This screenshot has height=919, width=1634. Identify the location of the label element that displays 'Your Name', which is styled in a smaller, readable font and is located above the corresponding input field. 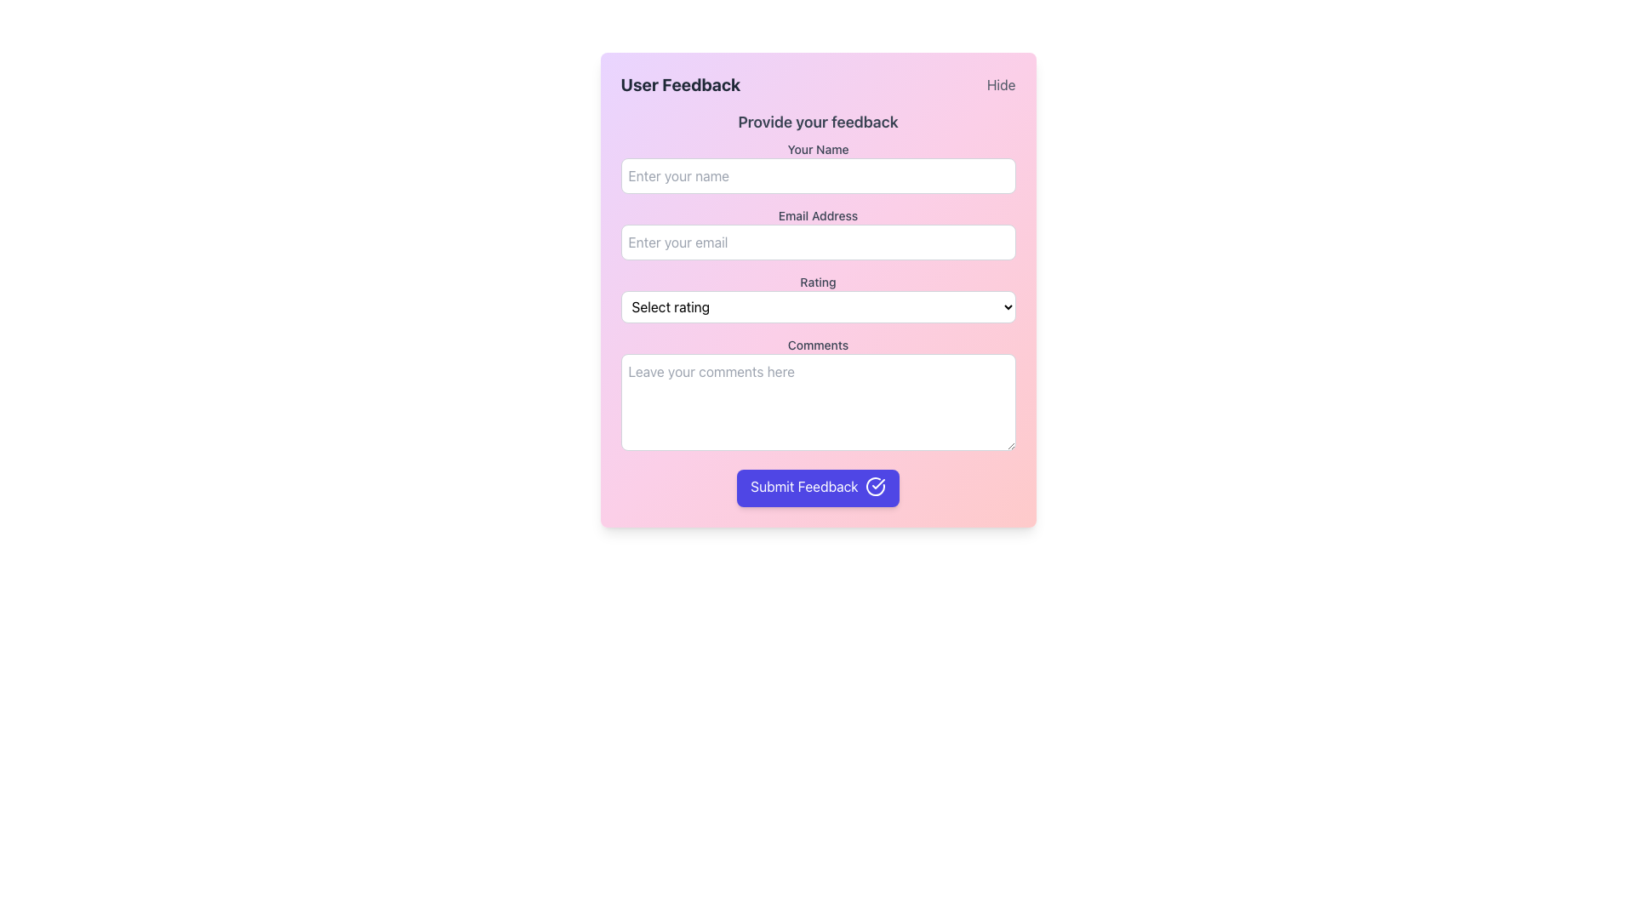
(818, 149).